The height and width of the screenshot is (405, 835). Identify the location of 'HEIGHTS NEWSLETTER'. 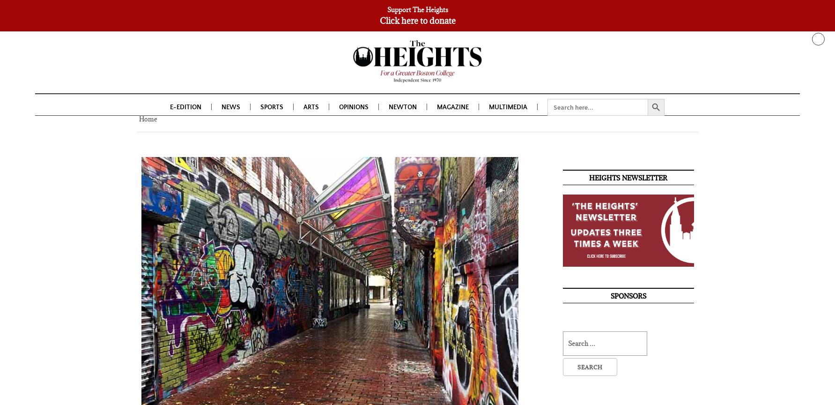
(628, 179).